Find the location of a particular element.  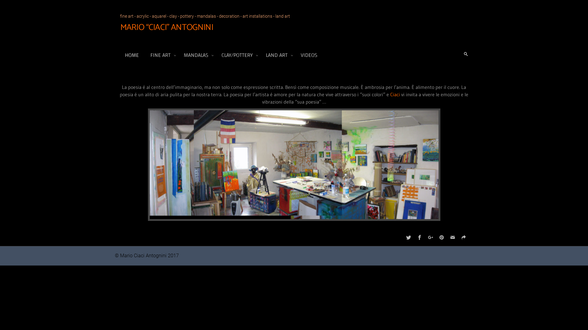

'HOME' is located at coordinates (132, 55).